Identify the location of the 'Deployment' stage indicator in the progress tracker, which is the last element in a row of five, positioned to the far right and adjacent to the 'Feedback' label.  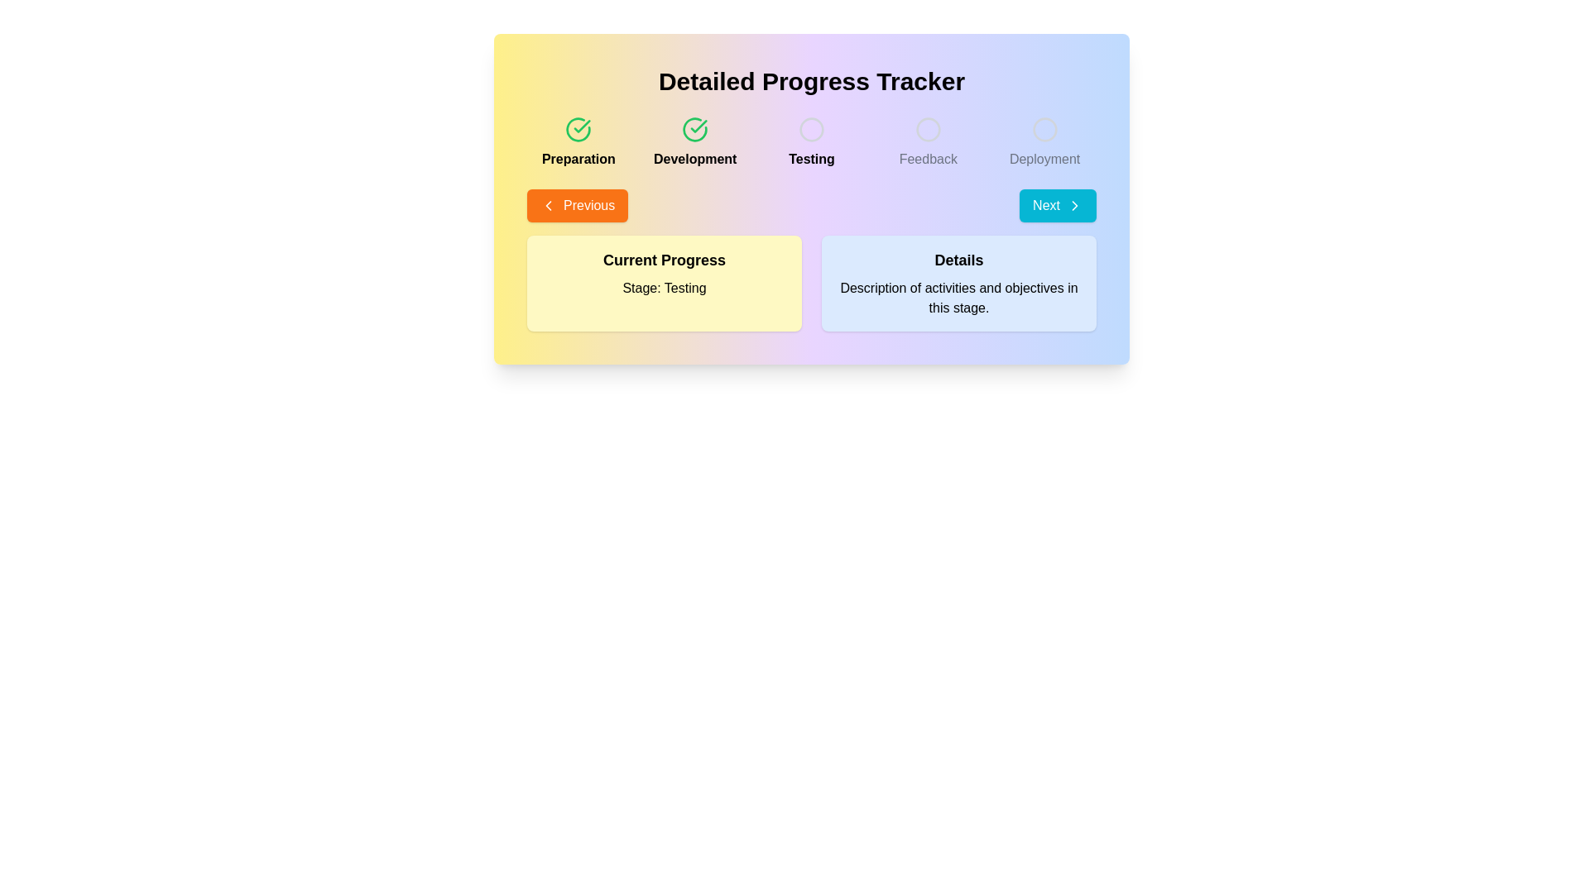
(1044, 142).